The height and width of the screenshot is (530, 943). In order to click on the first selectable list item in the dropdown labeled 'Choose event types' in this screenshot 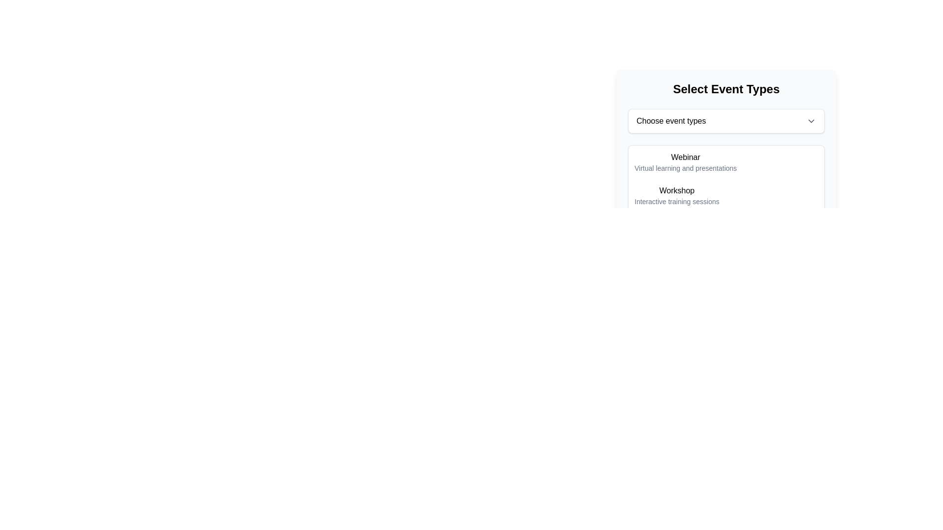, I will do `click(726, 162)`.